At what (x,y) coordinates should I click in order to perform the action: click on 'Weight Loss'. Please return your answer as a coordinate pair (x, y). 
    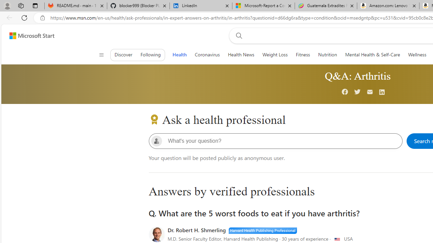
    Looking at the image, I should click on (275, 54).